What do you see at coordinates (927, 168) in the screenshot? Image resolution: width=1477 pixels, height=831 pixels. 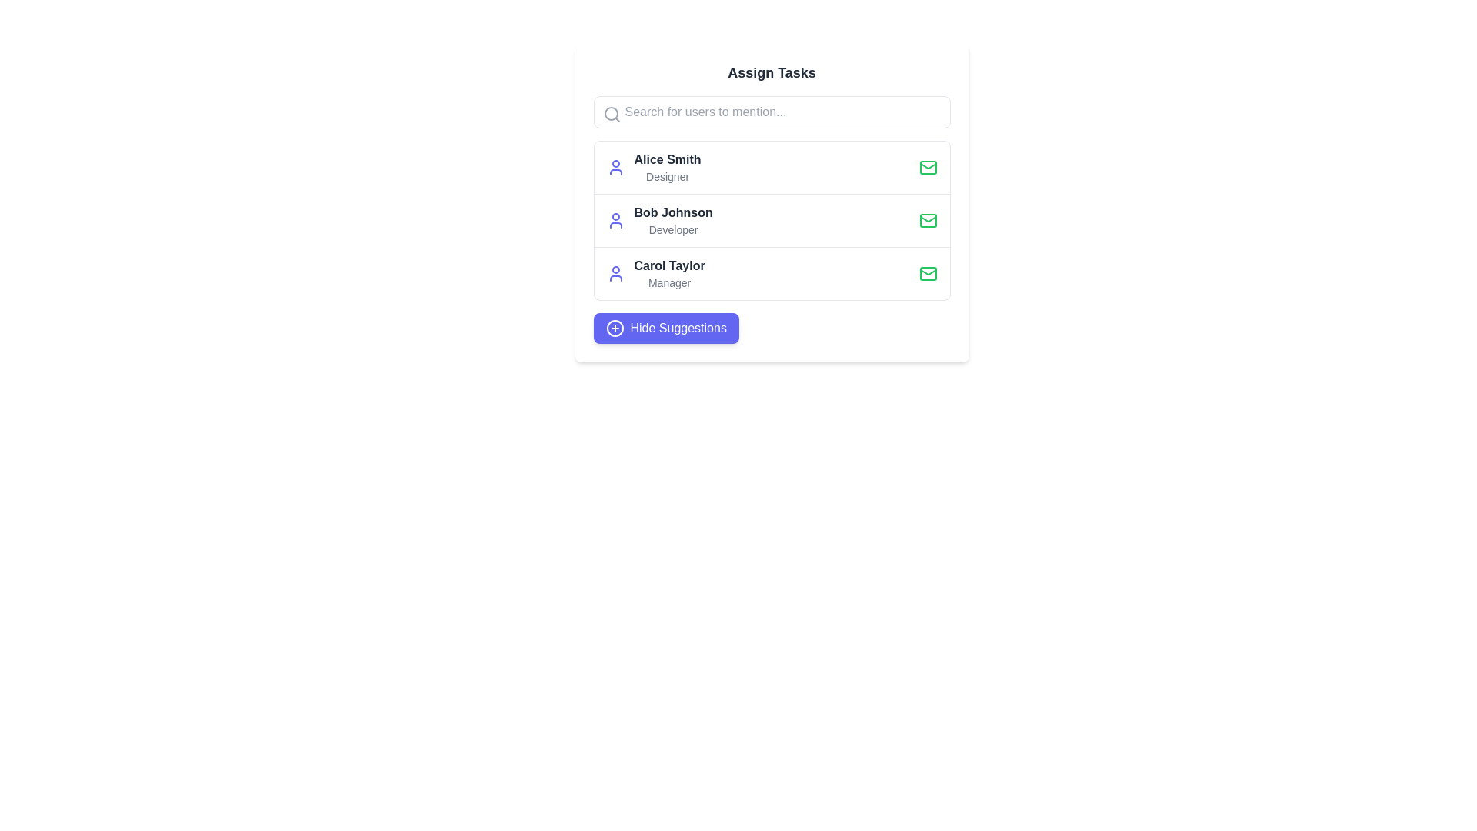 I see `the message icon located at the farthest-right of the first list entry row labeled 'Alice Smith Designer'` at bounding box center [927, 168].